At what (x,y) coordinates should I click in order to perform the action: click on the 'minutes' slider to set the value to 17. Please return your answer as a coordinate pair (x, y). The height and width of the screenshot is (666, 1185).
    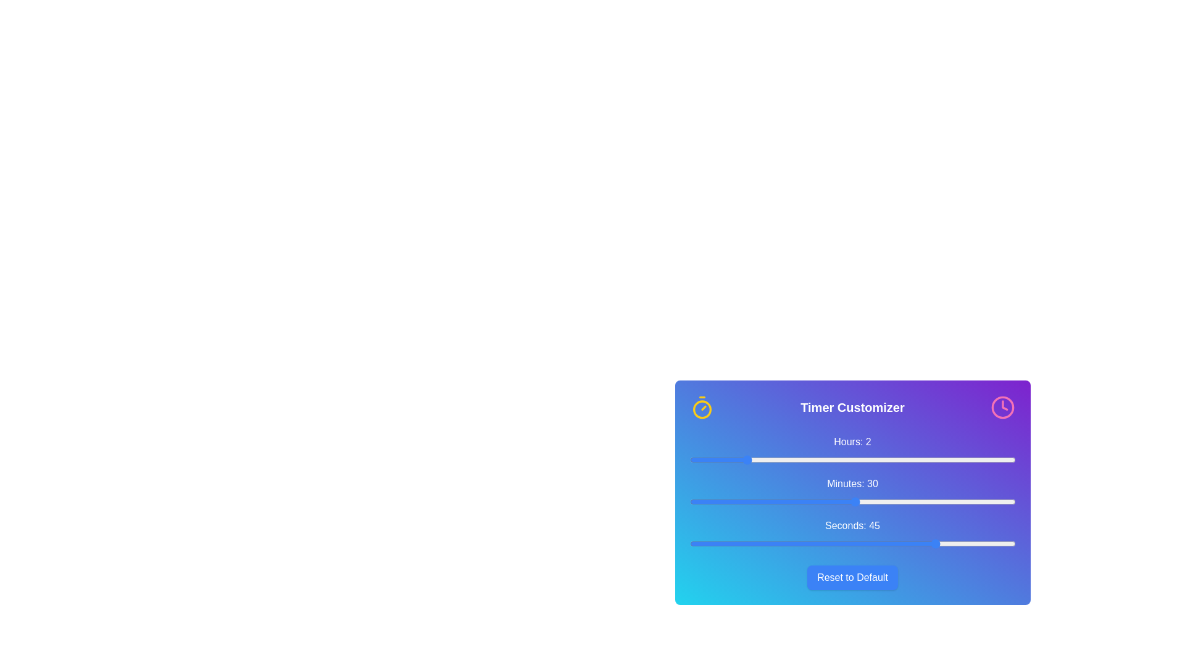
    Looking at the image, I should click on (783, 501).